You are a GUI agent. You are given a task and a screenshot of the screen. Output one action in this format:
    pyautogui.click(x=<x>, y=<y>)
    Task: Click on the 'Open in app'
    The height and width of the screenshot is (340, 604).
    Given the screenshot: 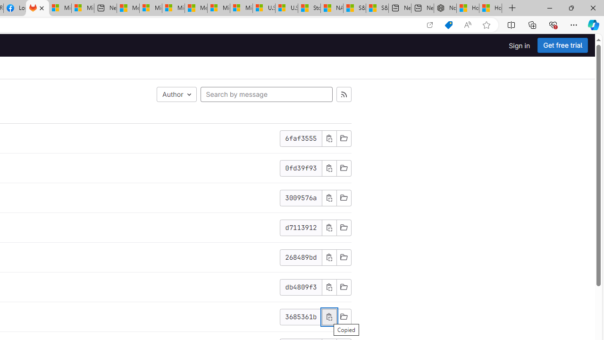 What is the action you would take?
    pyautogui.click(x=429, y=25)
    